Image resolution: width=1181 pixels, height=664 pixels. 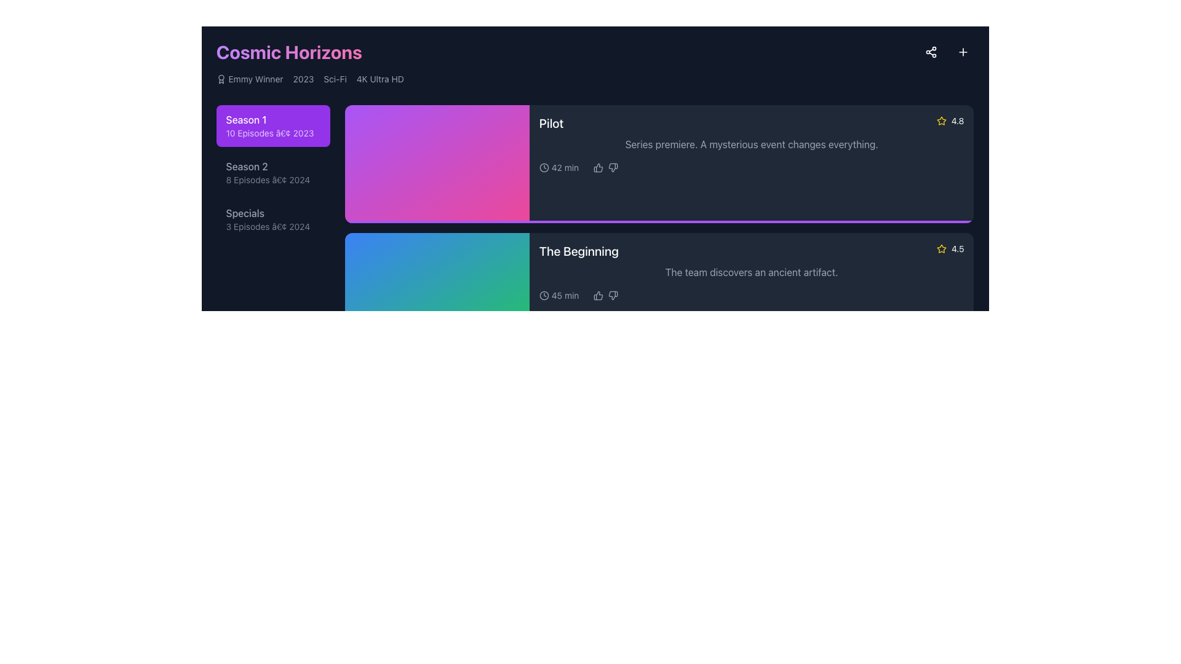 I want to click on the button that provides access to details or episodes related to the series' specials released in 2024, positioned under 'Cosmic Horizons' after 'Season 1' and 'Season 2', so click(x=272, y=219).